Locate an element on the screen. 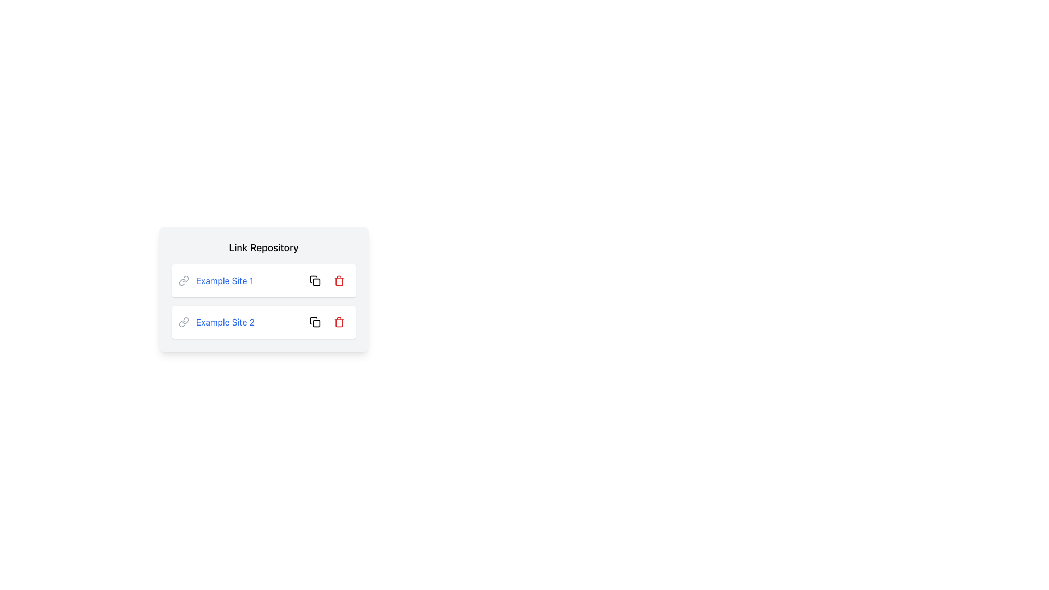  the small square button with a copy icon located next to the 'Example Site 1' label in the 'Link Repository' section is located at coordinates (314, 280).